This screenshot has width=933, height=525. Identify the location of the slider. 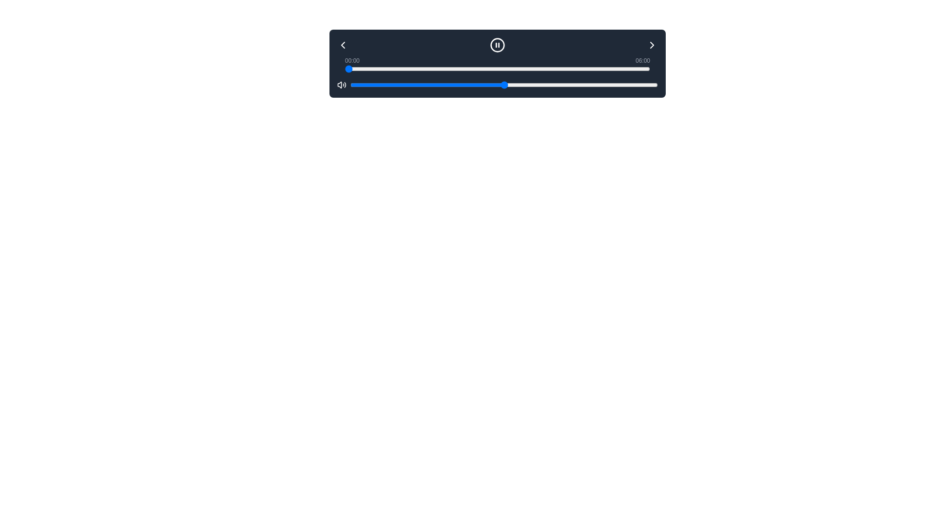
(598, 69).